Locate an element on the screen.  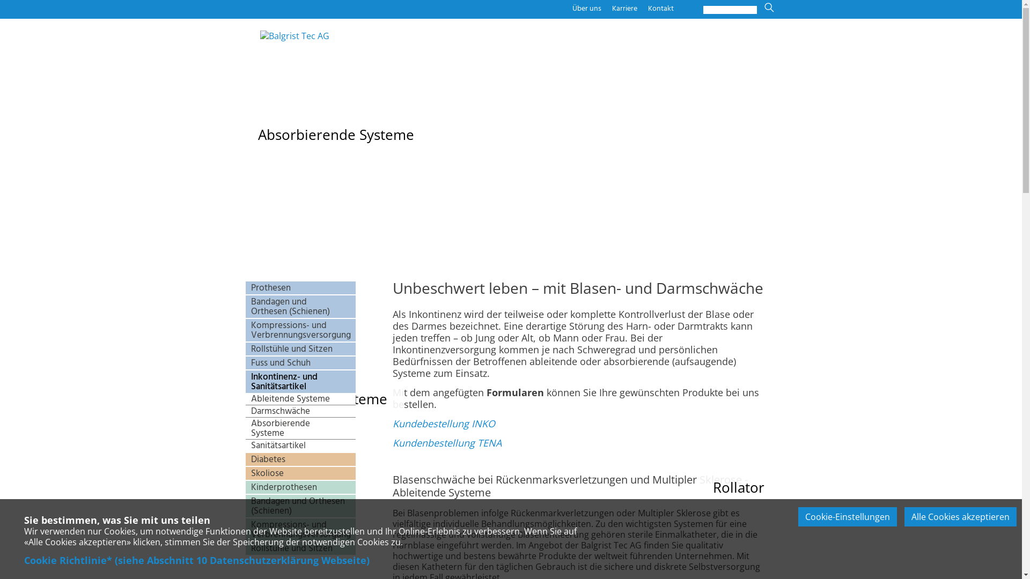
'Prothesen' is located at coordinates (300, 287).